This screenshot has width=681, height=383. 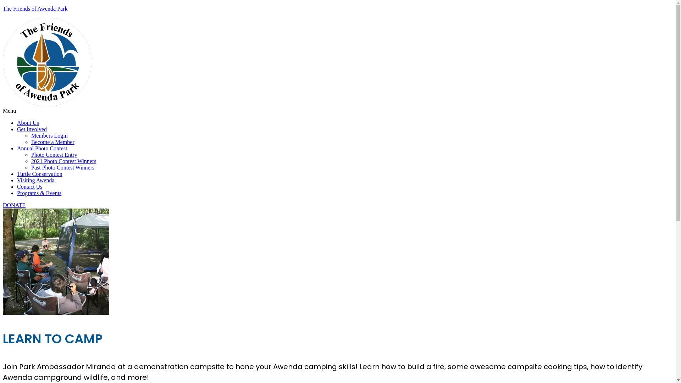 What do you see at coordinates (41, 148) in the screenshot?
I see `'Annual Photo Contest'` at bounding box center [41, 148].